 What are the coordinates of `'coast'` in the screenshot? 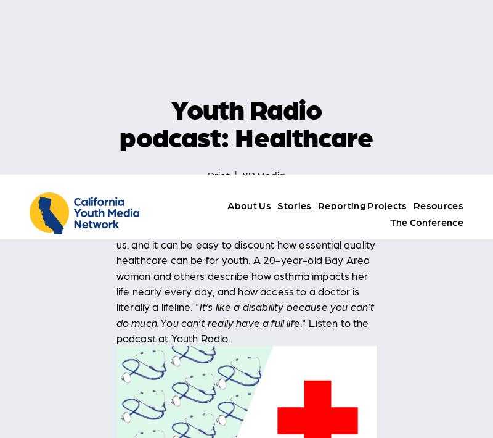 It's located at (223, 403).